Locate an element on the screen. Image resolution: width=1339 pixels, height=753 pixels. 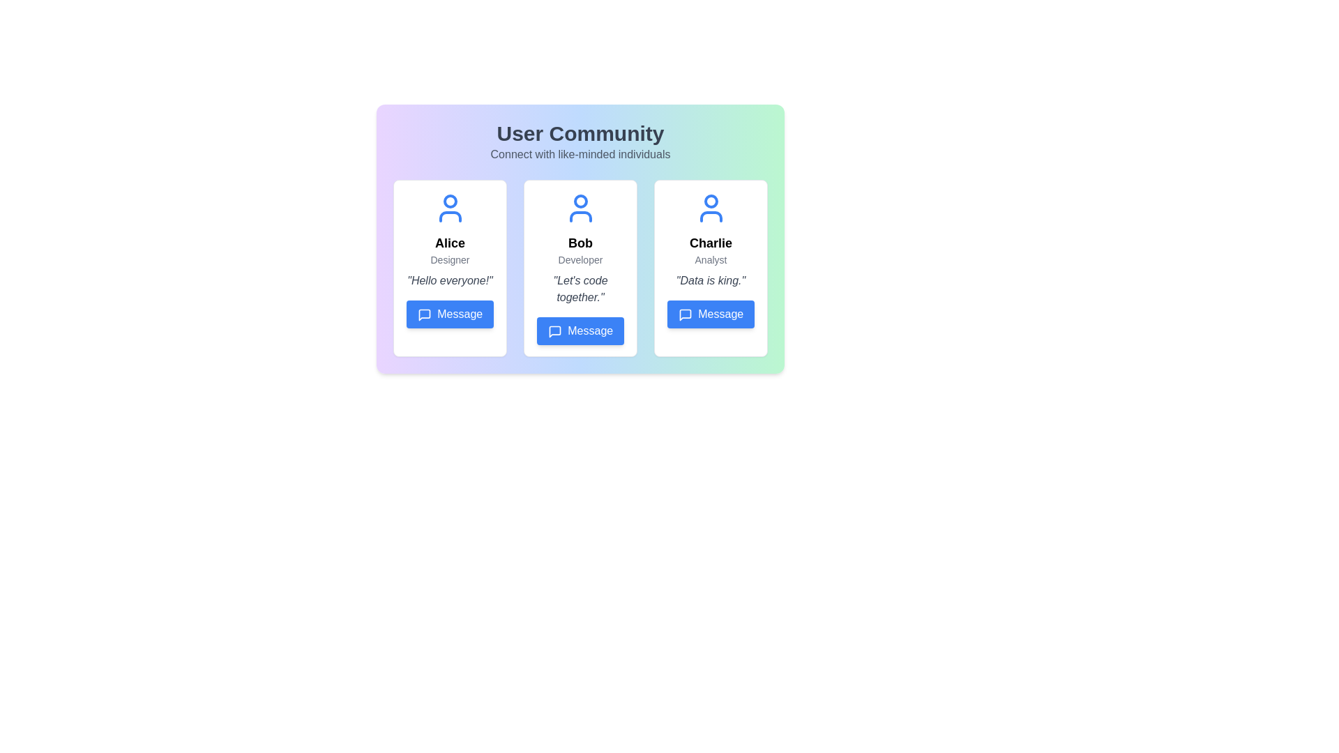
the second text label within the card element that displays the role or title of the person, located just under the name 'Bob' is located at coordinates (580, 260).